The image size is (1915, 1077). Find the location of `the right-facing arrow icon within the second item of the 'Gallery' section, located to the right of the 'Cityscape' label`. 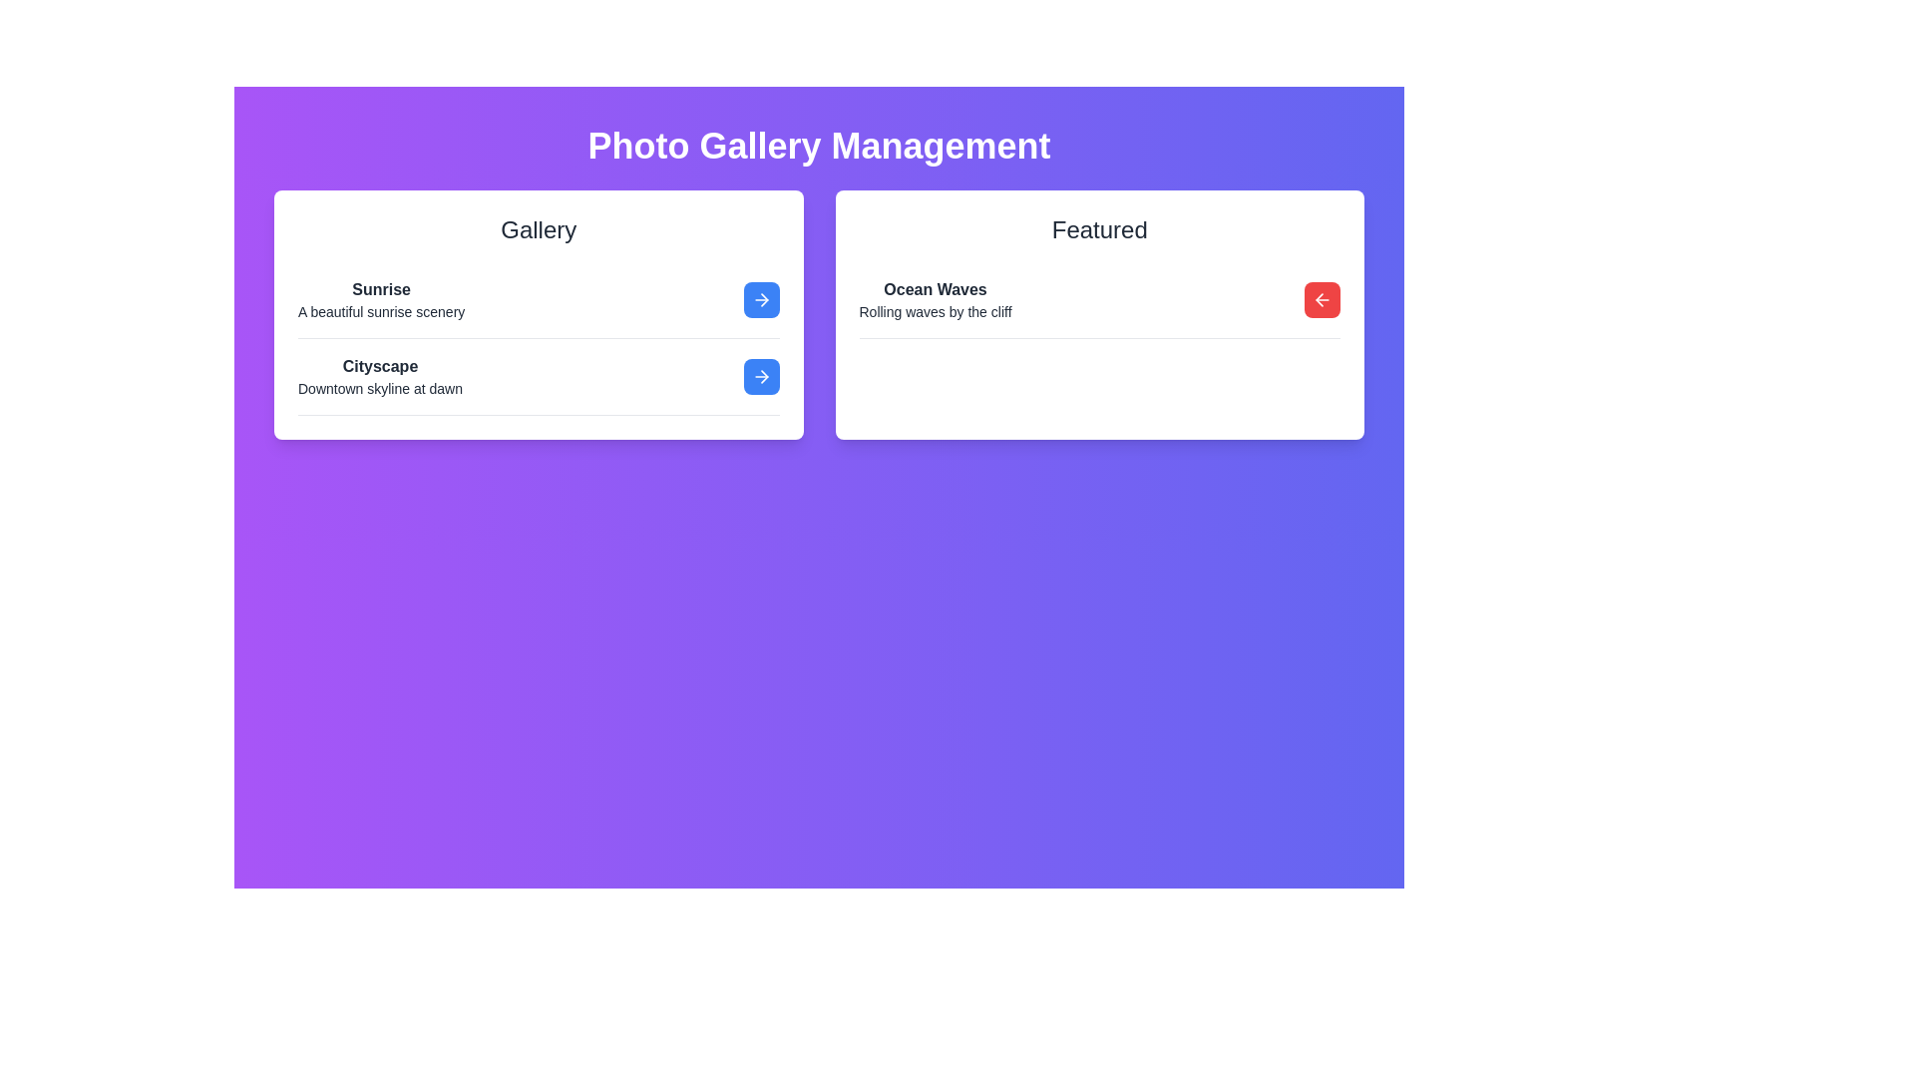

the right-facing arrow icon within the second item of the 'Gallery' section, located to the right of the 'Cityscape' label is located at coordinates (763, 299).